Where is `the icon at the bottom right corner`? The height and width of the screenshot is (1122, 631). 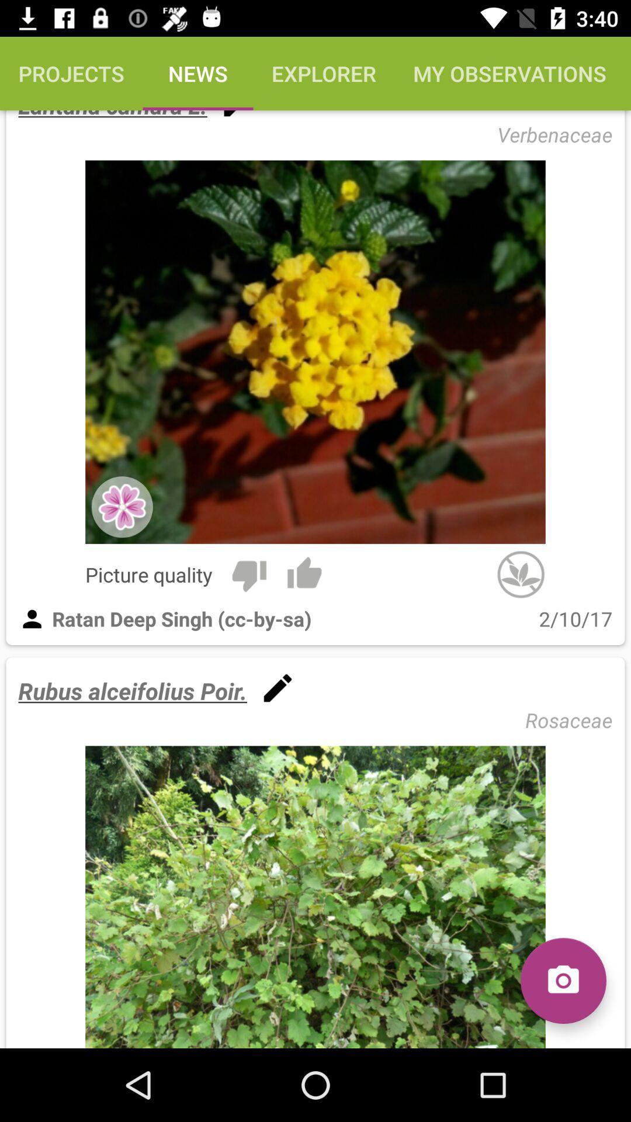
the icon at the bottom right corner is located at coordinates (563, 981).